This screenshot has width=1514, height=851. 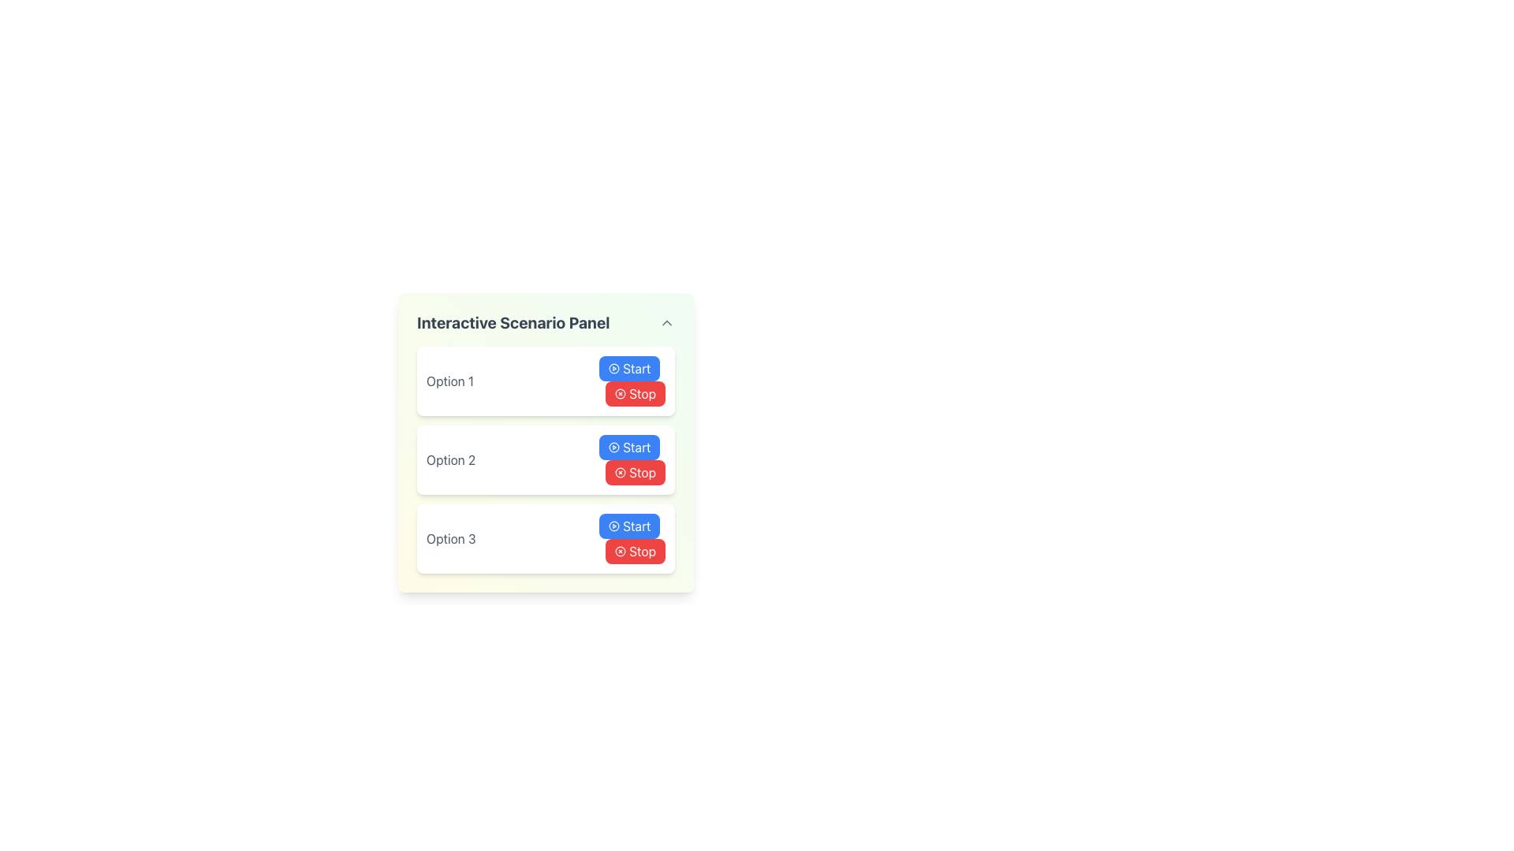 I want to click on the left button in the third row of the 'Interactive Scenario Panel' to initiate the 'Start' action, so click(x=628, y=526).